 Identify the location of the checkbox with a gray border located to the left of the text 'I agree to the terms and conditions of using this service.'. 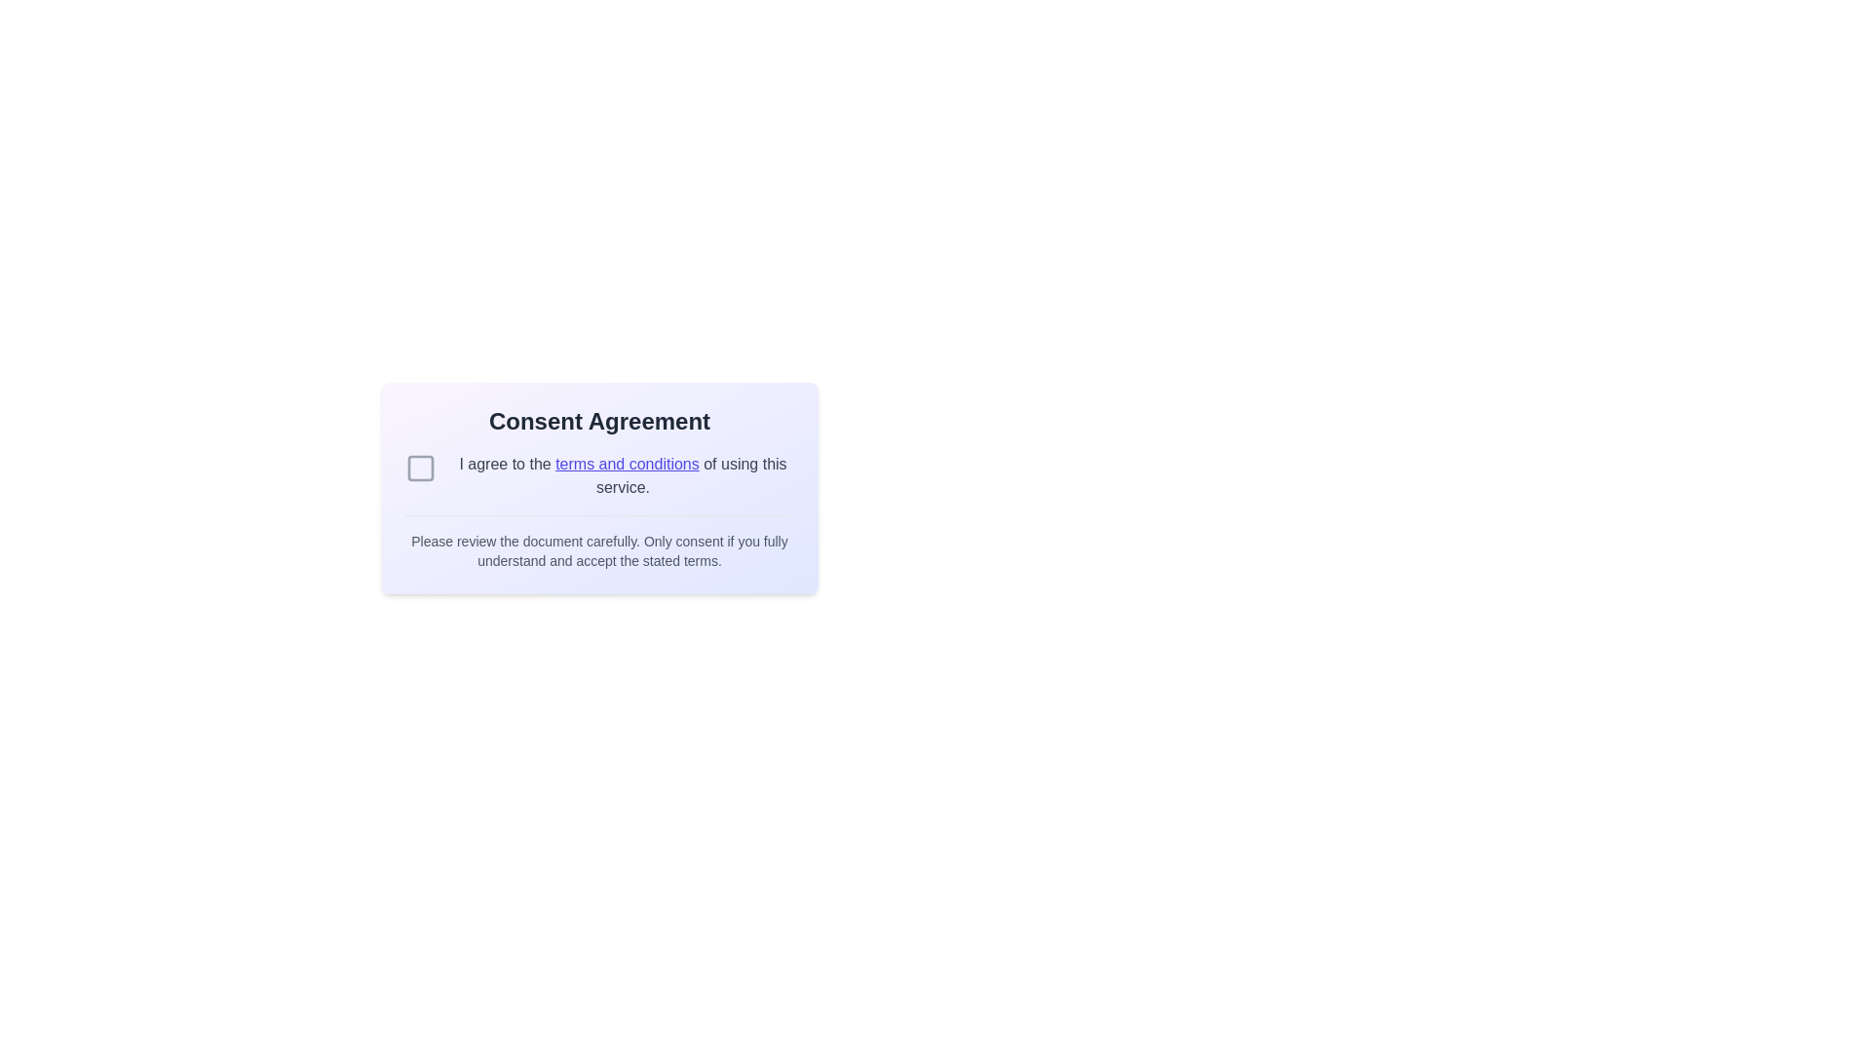
(419, 469).